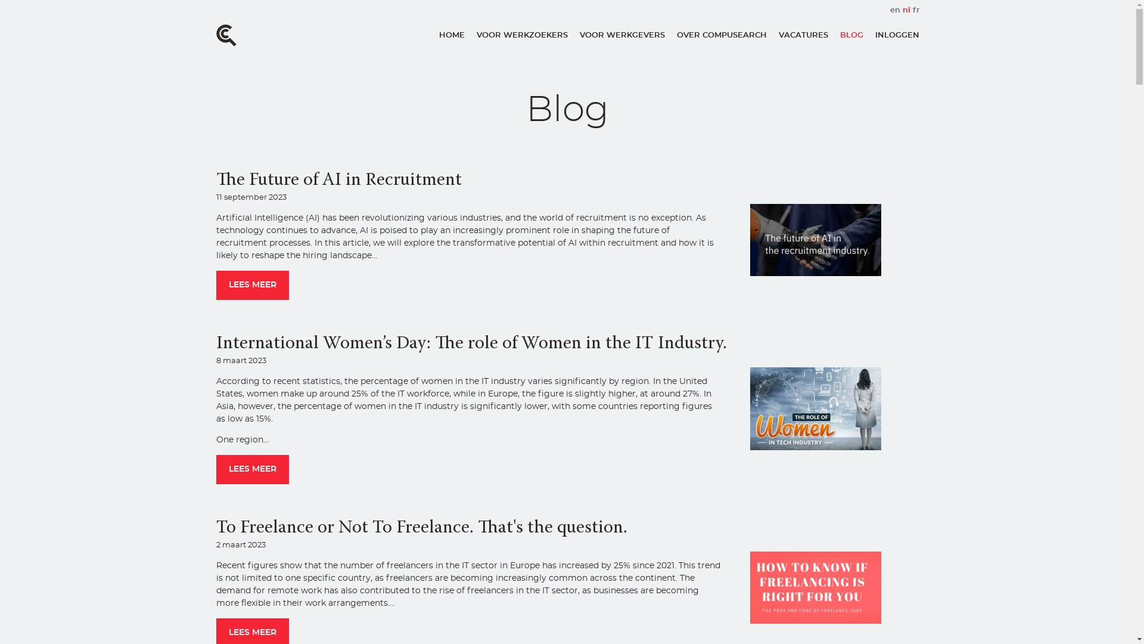 Image resolution: width=1144 pixels, height=644 pixels. What do you see at coordinates (906, 10) in the screenshot?
I see `'nl'` at bounding box center [906, 10].